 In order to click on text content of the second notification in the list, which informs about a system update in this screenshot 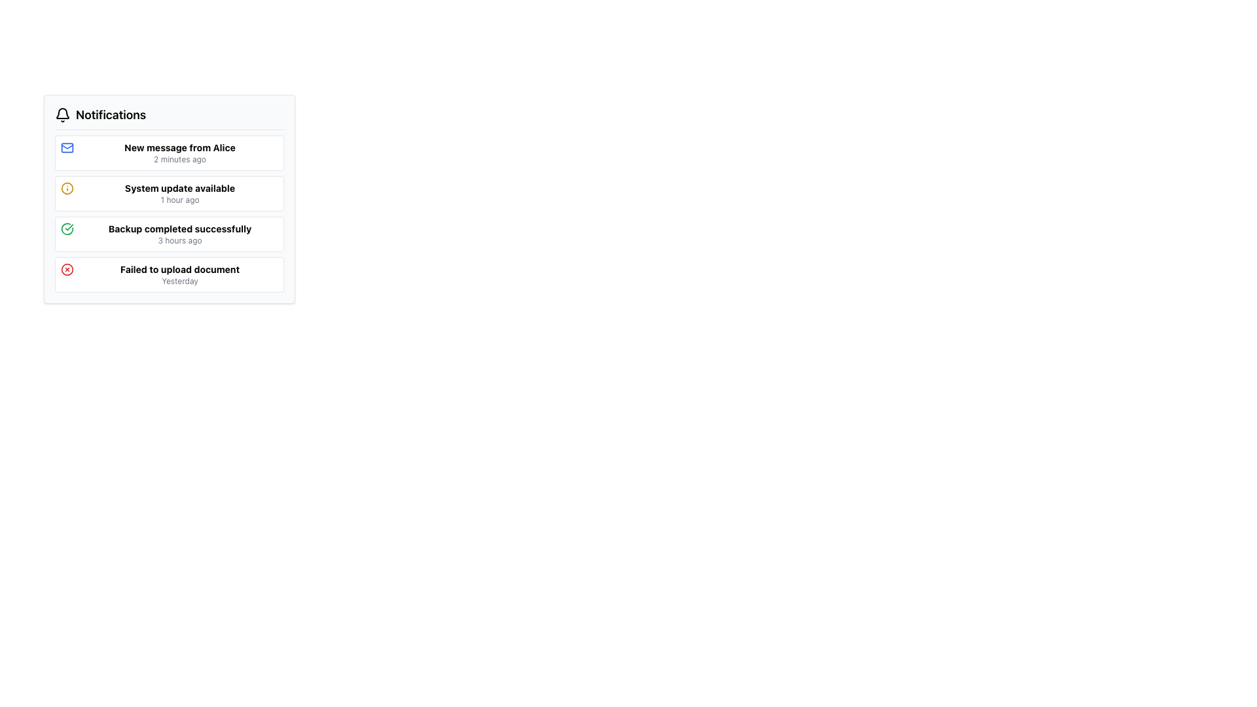, I will do `click(179, 194)`.